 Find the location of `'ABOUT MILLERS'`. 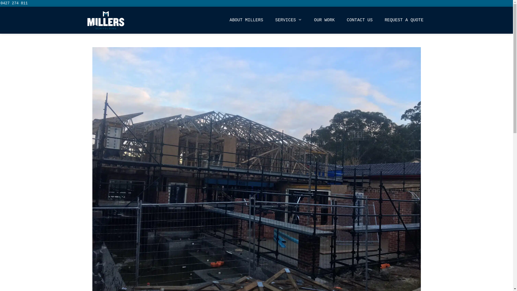

'ABOUT MILLERS' is located at coordinates (246, 20).